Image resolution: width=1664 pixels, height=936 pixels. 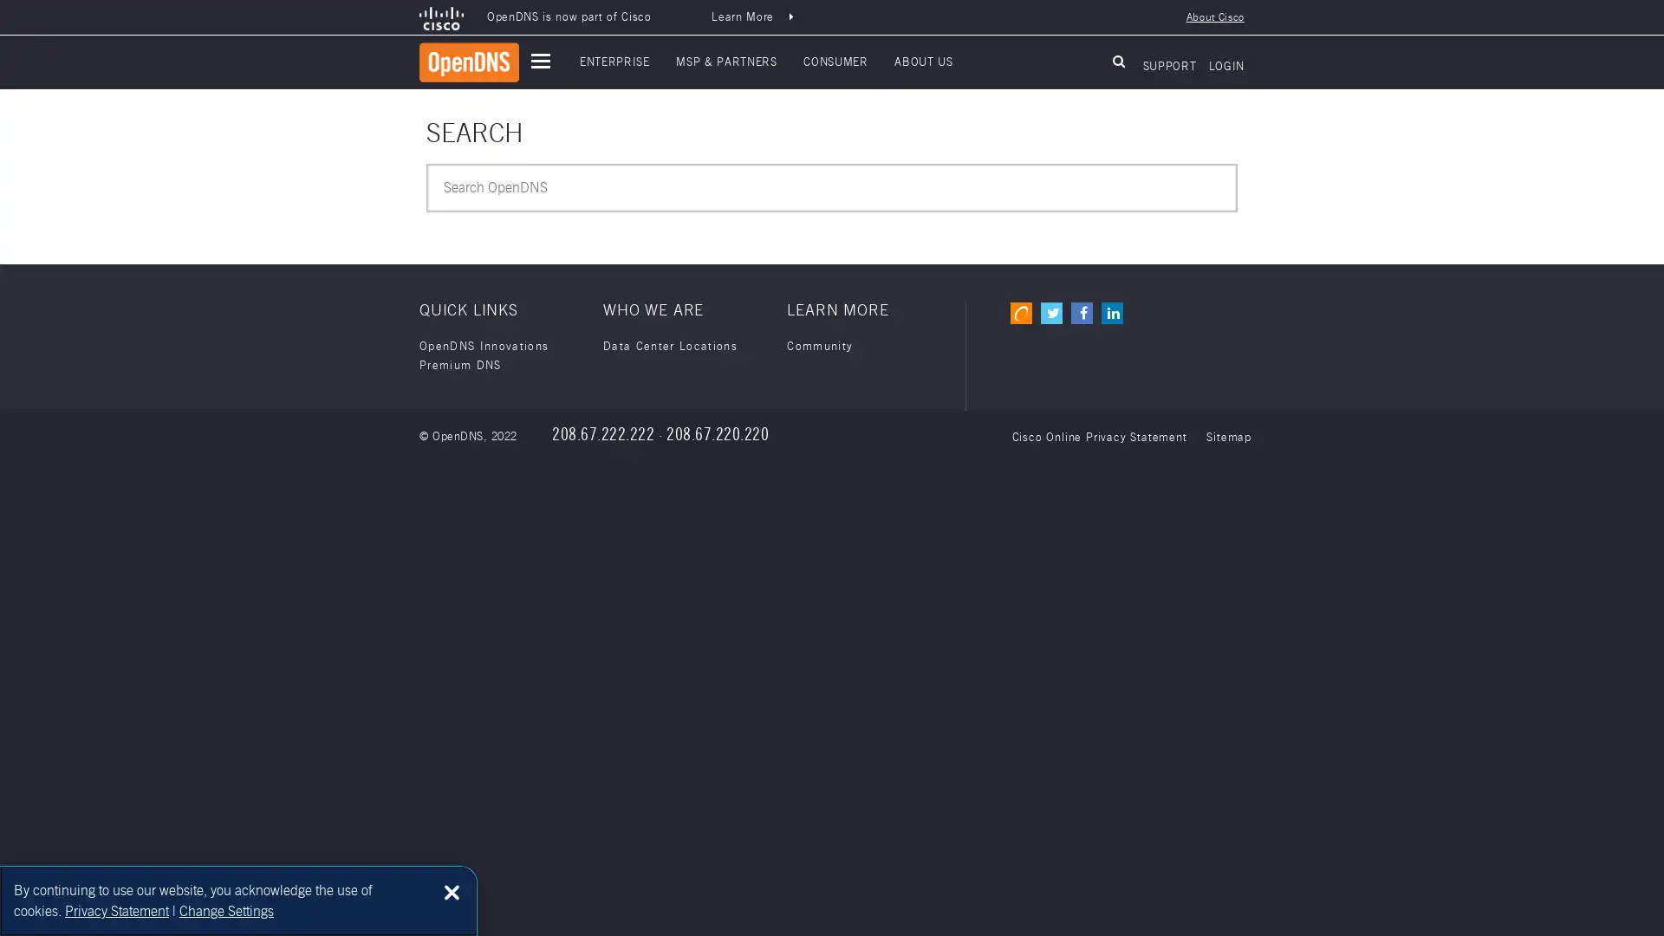 What do you see at coordinates (540, 60) in the screenshot?
I see `open main navigation` at bounding box center [540, 60].